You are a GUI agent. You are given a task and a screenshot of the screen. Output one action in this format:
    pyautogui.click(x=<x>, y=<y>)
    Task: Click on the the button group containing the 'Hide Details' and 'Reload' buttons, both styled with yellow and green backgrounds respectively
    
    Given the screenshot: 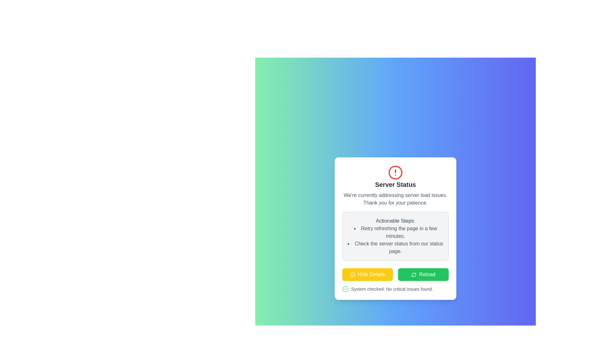 What is the action you would take?
    pyautogui.click(x=395, y=274)
    